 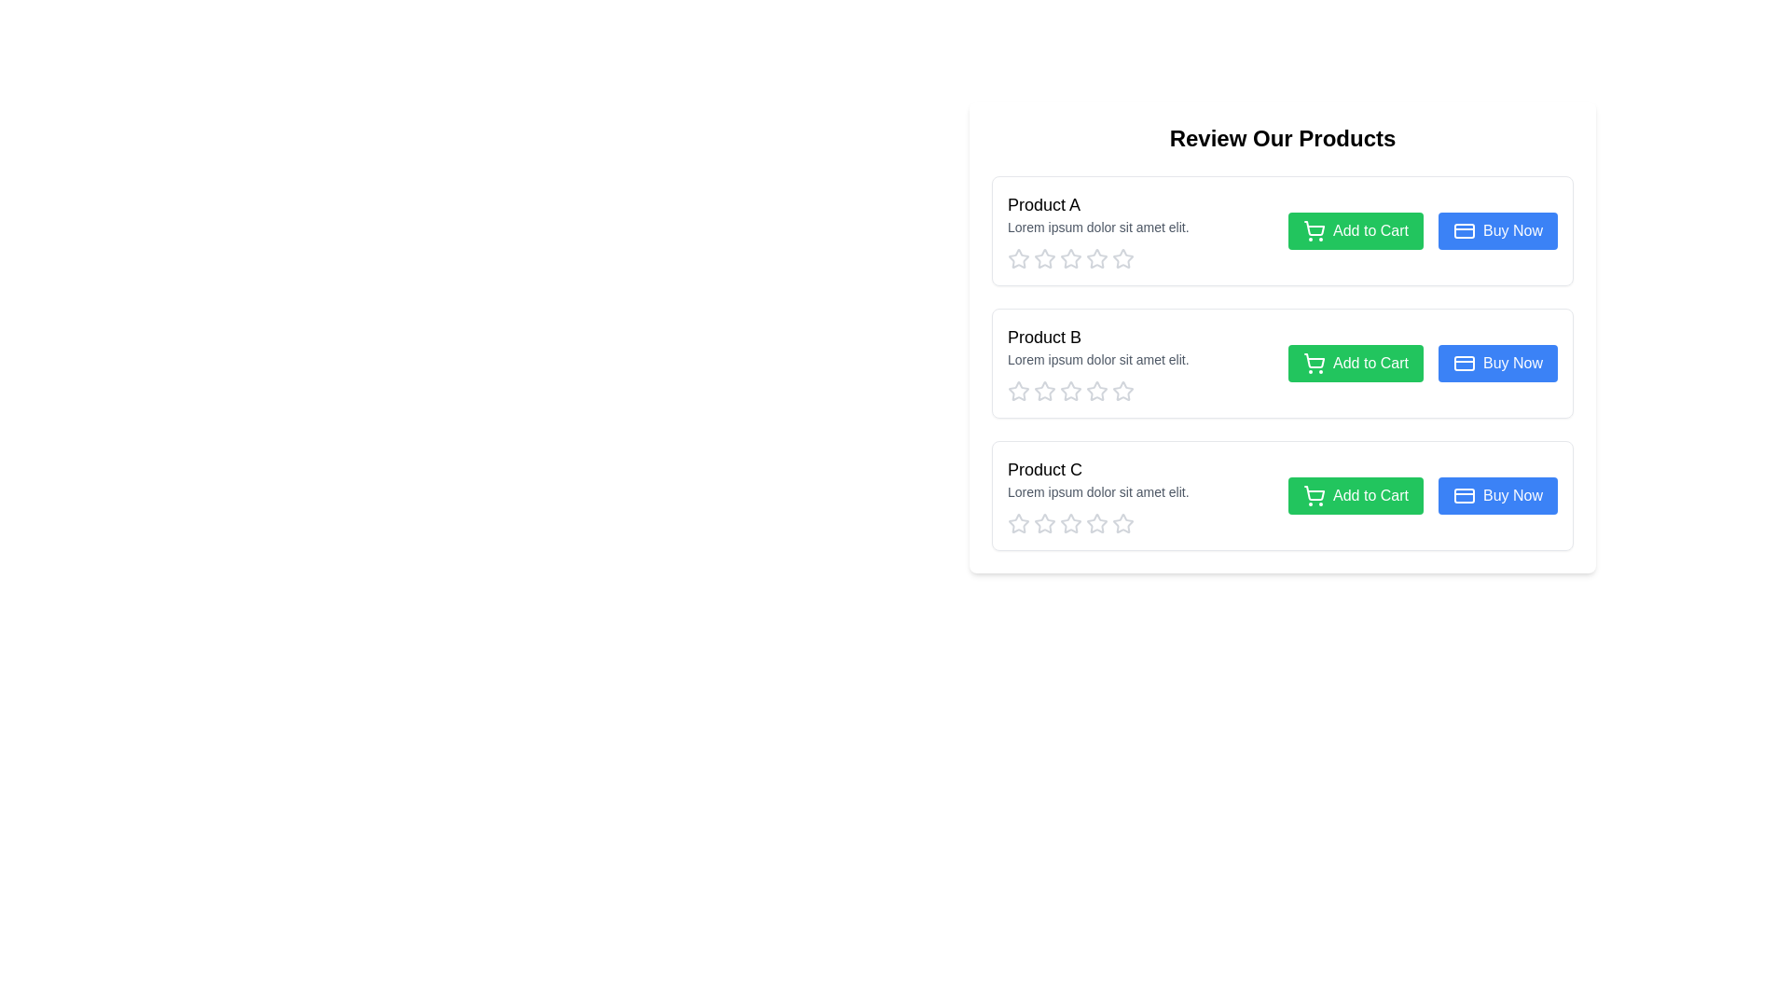 What do you see at coordinates (1042, 258) in the screenshot?
I see `the first interactive rating star icon for 'Product A'` at bounding box center [1042, 258].